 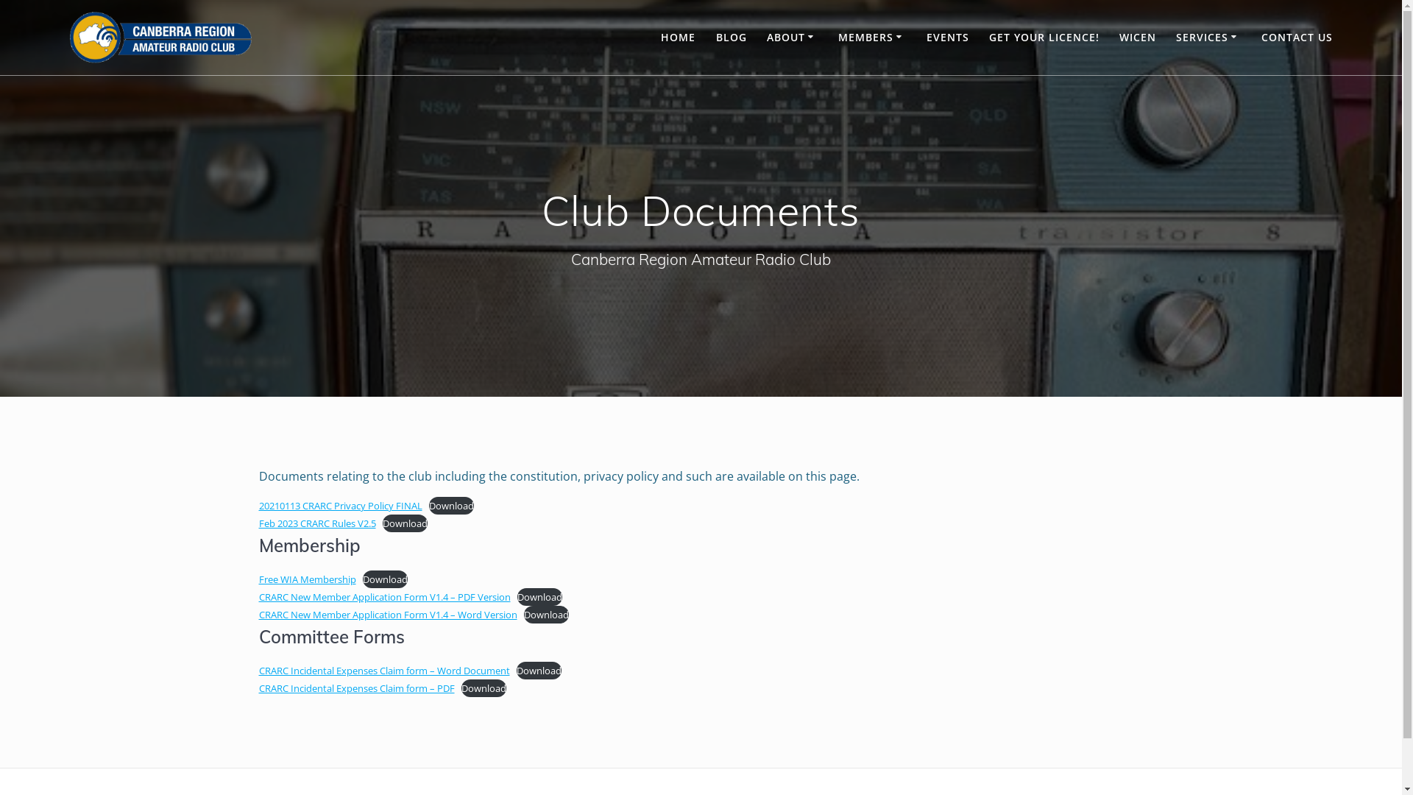 I want to click on 'ABOUT', so click(x=791, y=36).